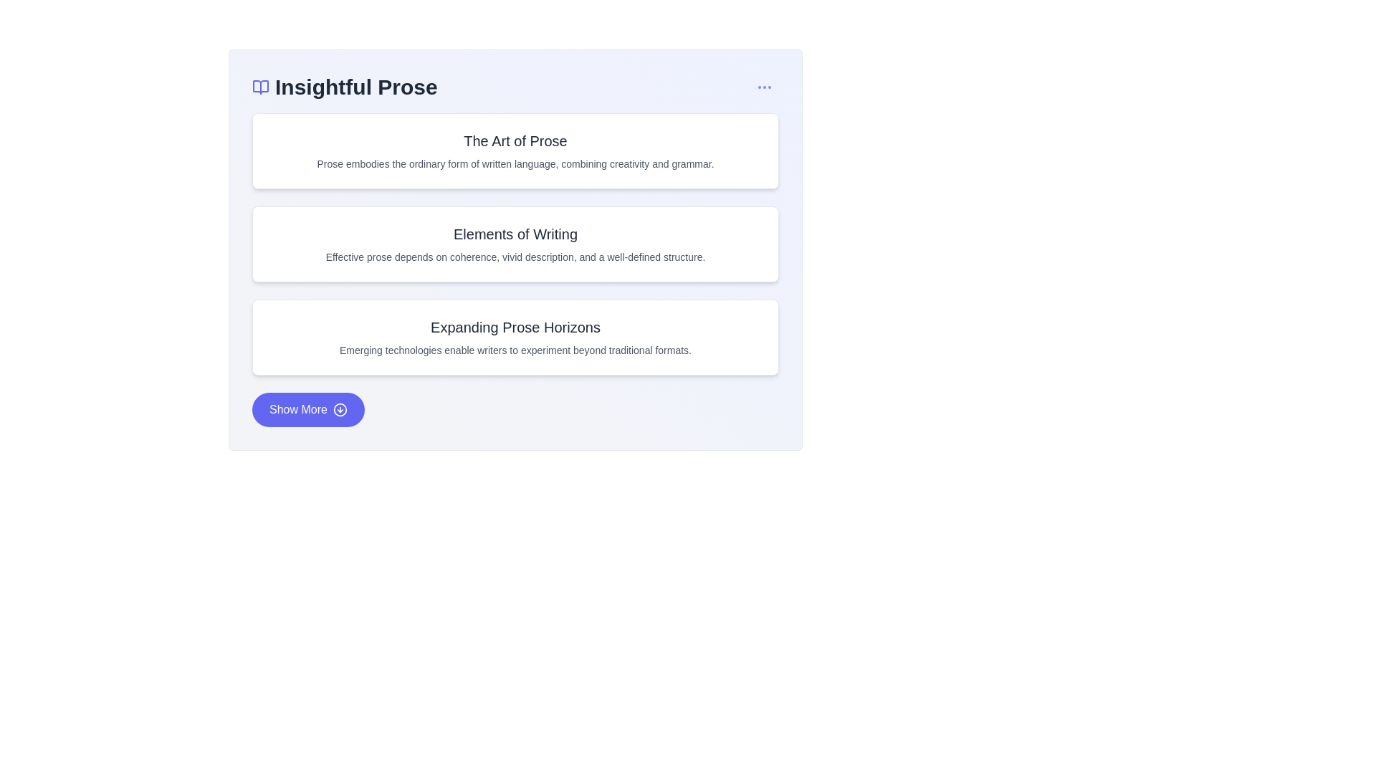  What do you see at coordinates (340, 409) in the screenshot?
I see `the decorative icon with a purple outline and a downward-pointing arrow located to the right of the 'Show More' button text` at bounding box center [340, 409].